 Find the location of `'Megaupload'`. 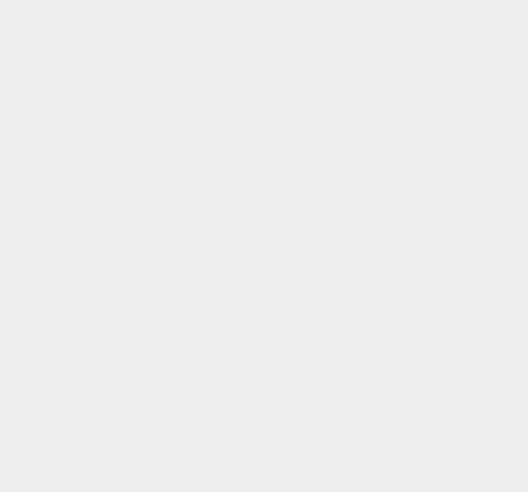

'Megaupload' is located at coordinates (373, 464).